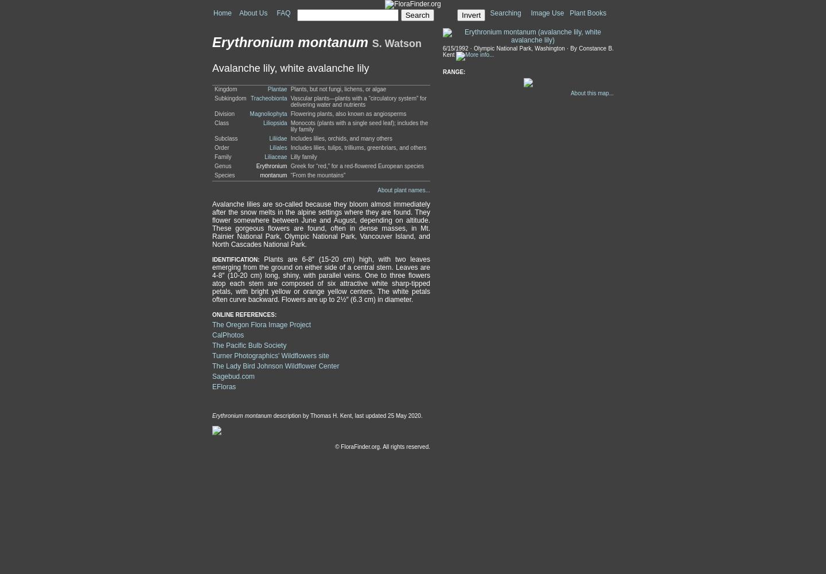  What do you see at coordinates (225, 138) in the screenshot?
I see `'Subclass'` at bounding box center [225, 138].